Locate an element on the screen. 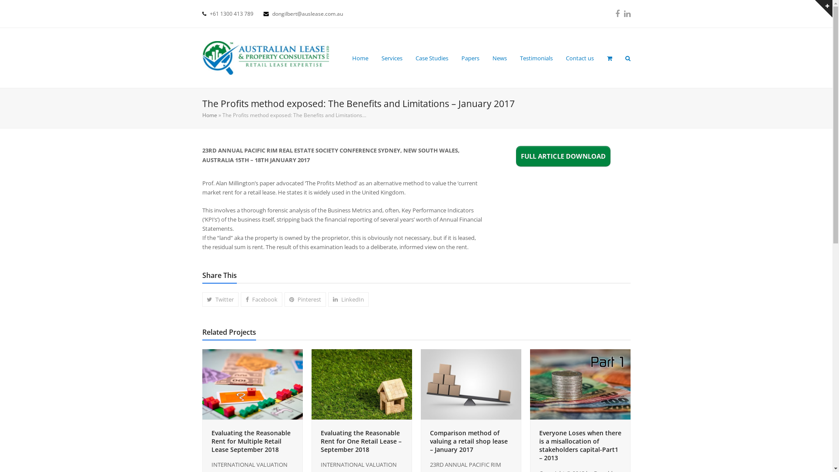  'LinkedIn' is located at coordinates (627, 14).